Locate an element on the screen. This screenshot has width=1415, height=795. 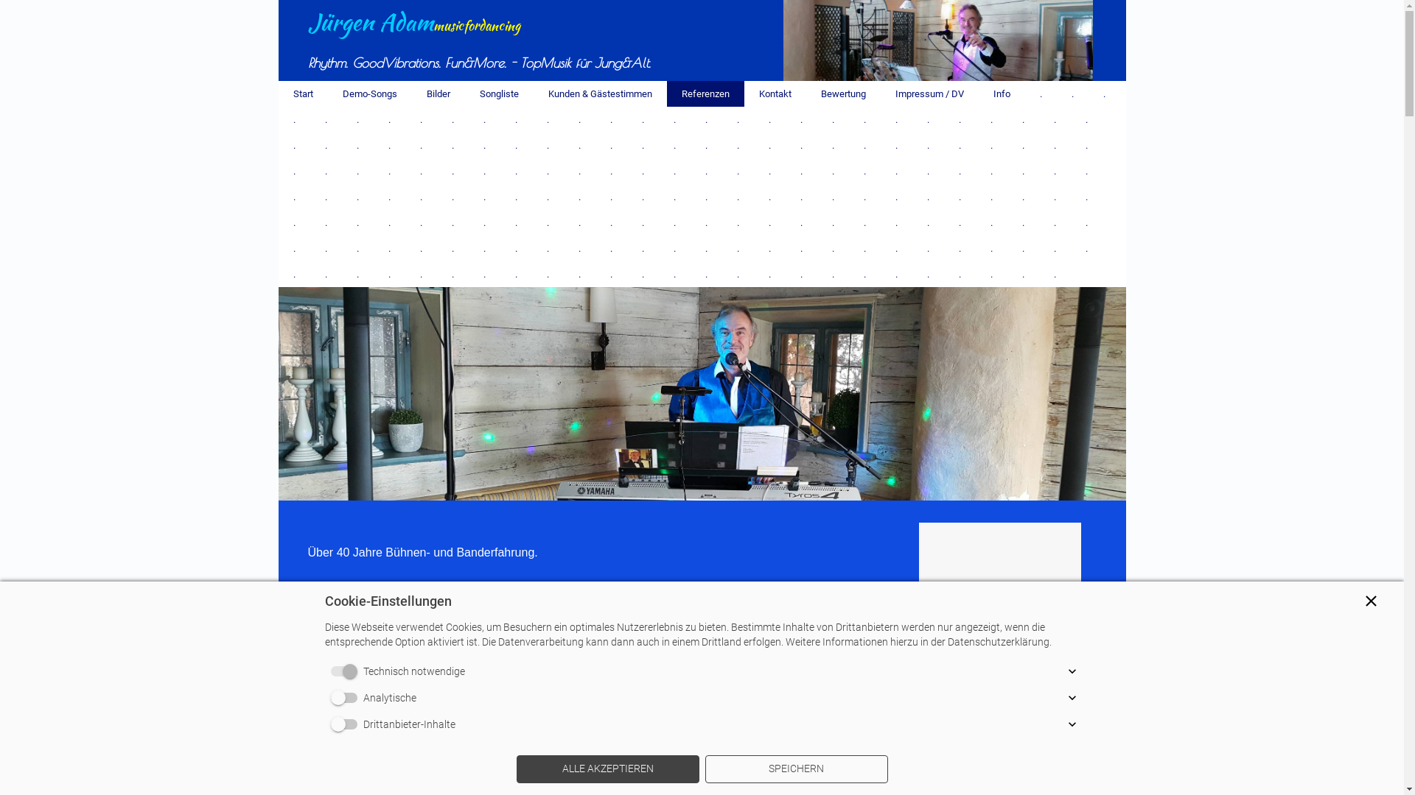
'.' is located at coordinates (547, 145).